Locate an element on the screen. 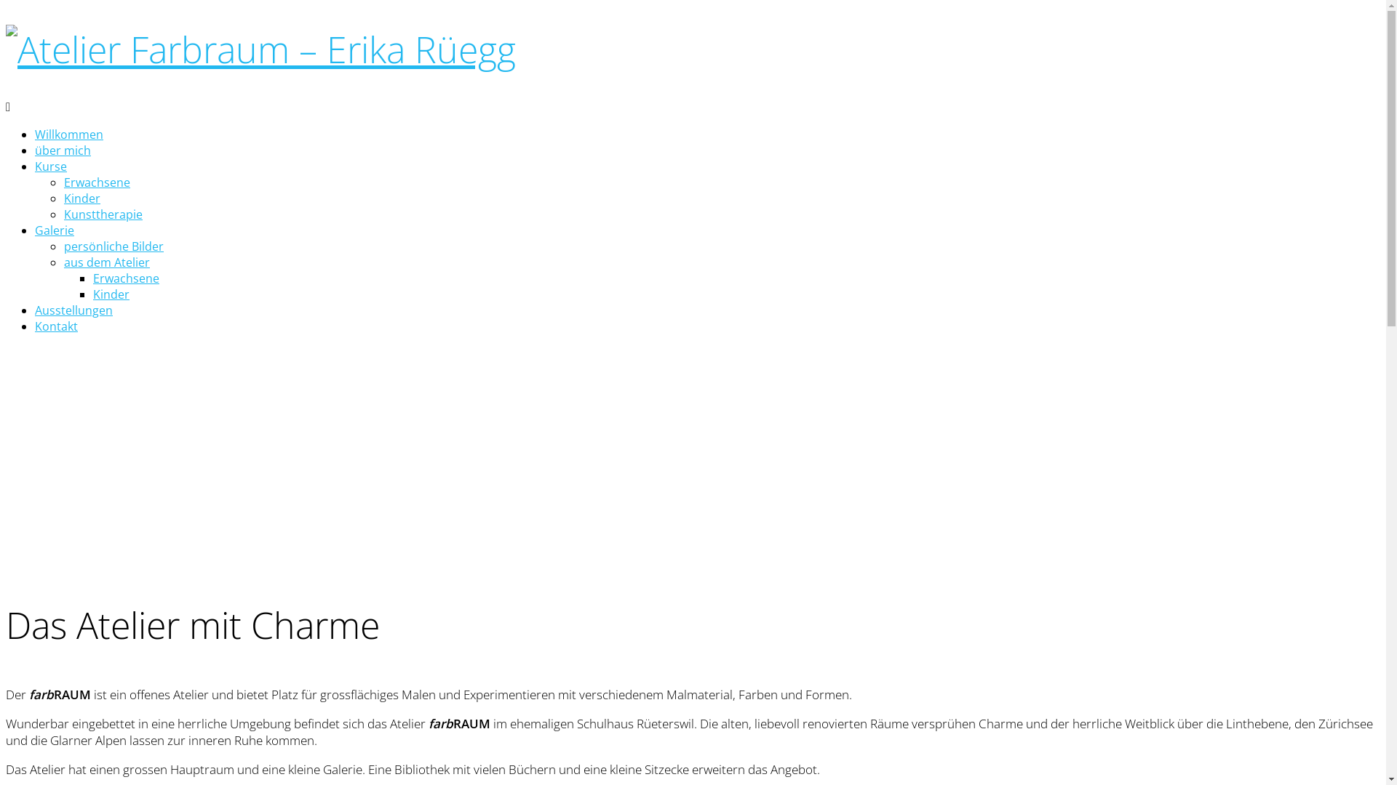 Image resolution: width=1397 pixels, height=785 pixels. 'Willkommen' is located at coordinates (68, 134).